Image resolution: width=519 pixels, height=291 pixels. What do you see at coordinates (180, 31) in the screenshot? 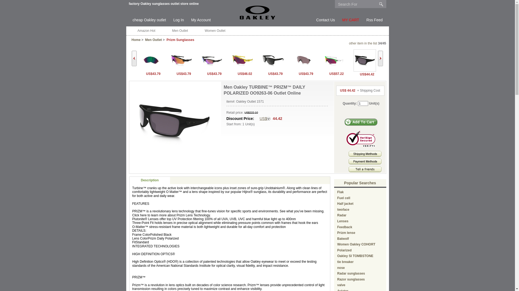
I see `'Men Outlet'` at bounding box center [180, 31].